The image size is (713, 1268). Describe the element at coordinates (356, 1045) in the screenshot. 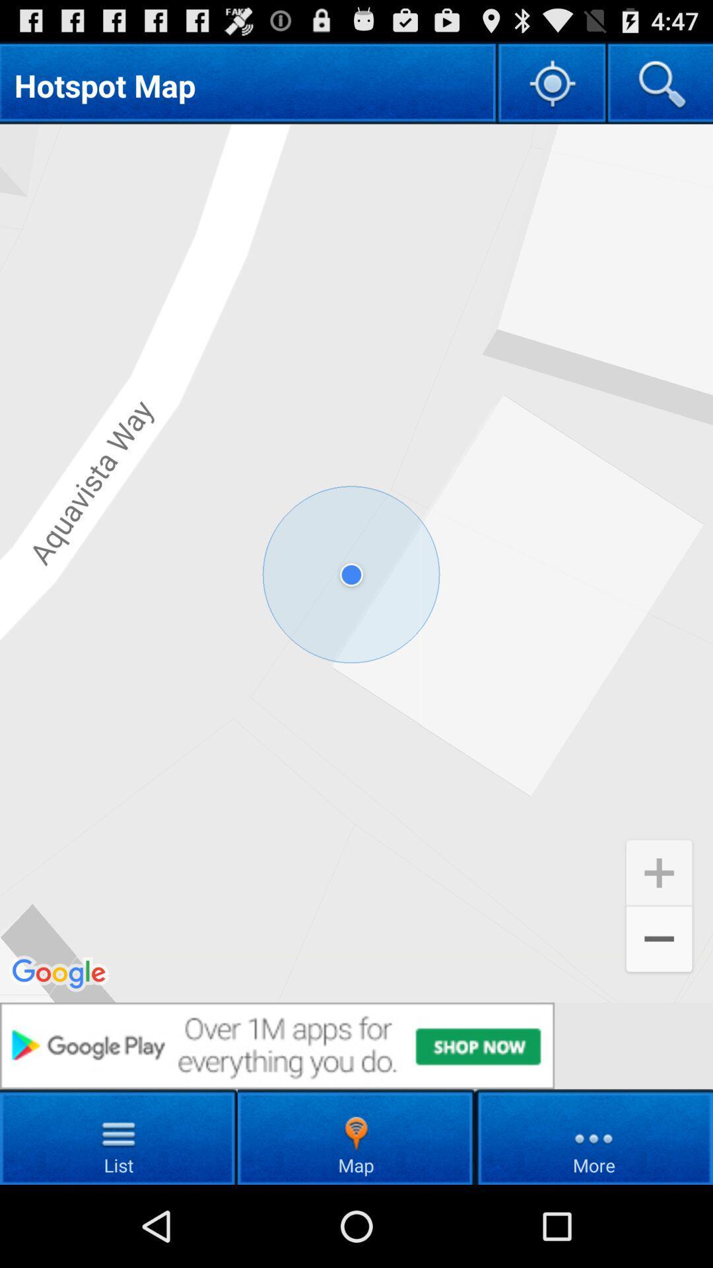

I see `launch advertisement link` at that location.